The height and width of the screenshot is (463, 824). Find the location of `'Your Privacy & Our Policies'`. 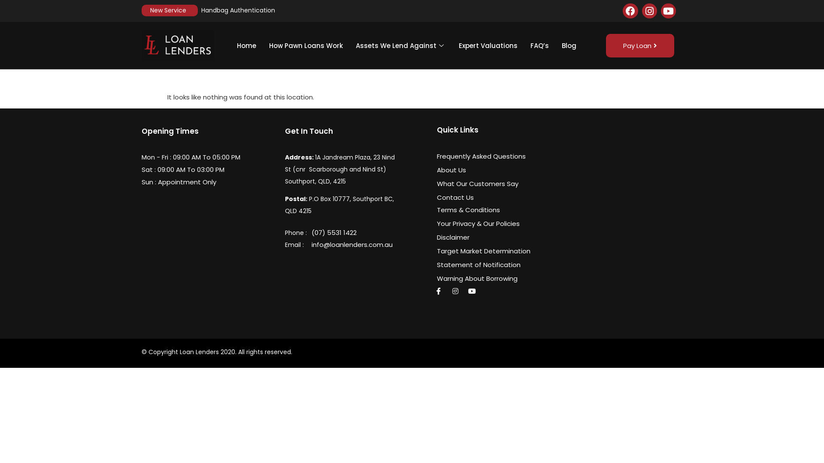

'Your Privacy & Our Policies' is located at coordinates (490, 223).